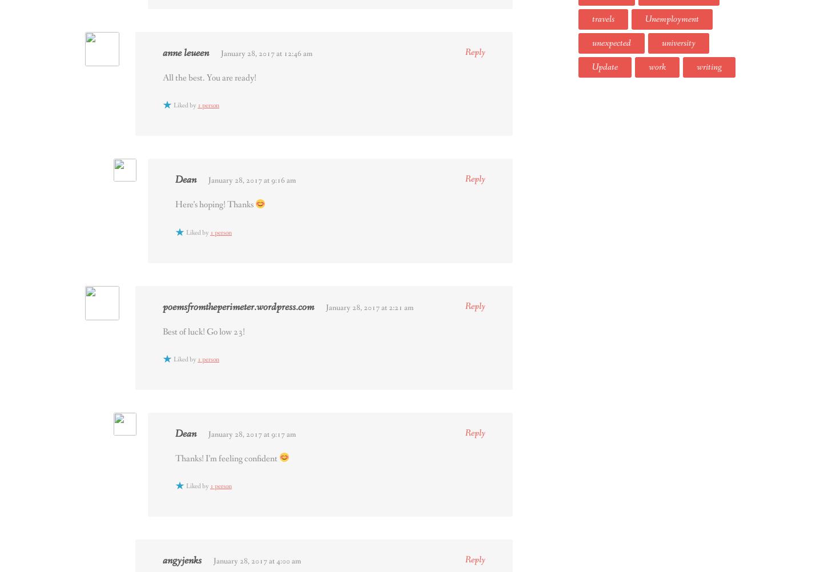 This screenshot has width=828, height=572. I want to click on 'Best of luck! Go low 23!', so click(203, 331).